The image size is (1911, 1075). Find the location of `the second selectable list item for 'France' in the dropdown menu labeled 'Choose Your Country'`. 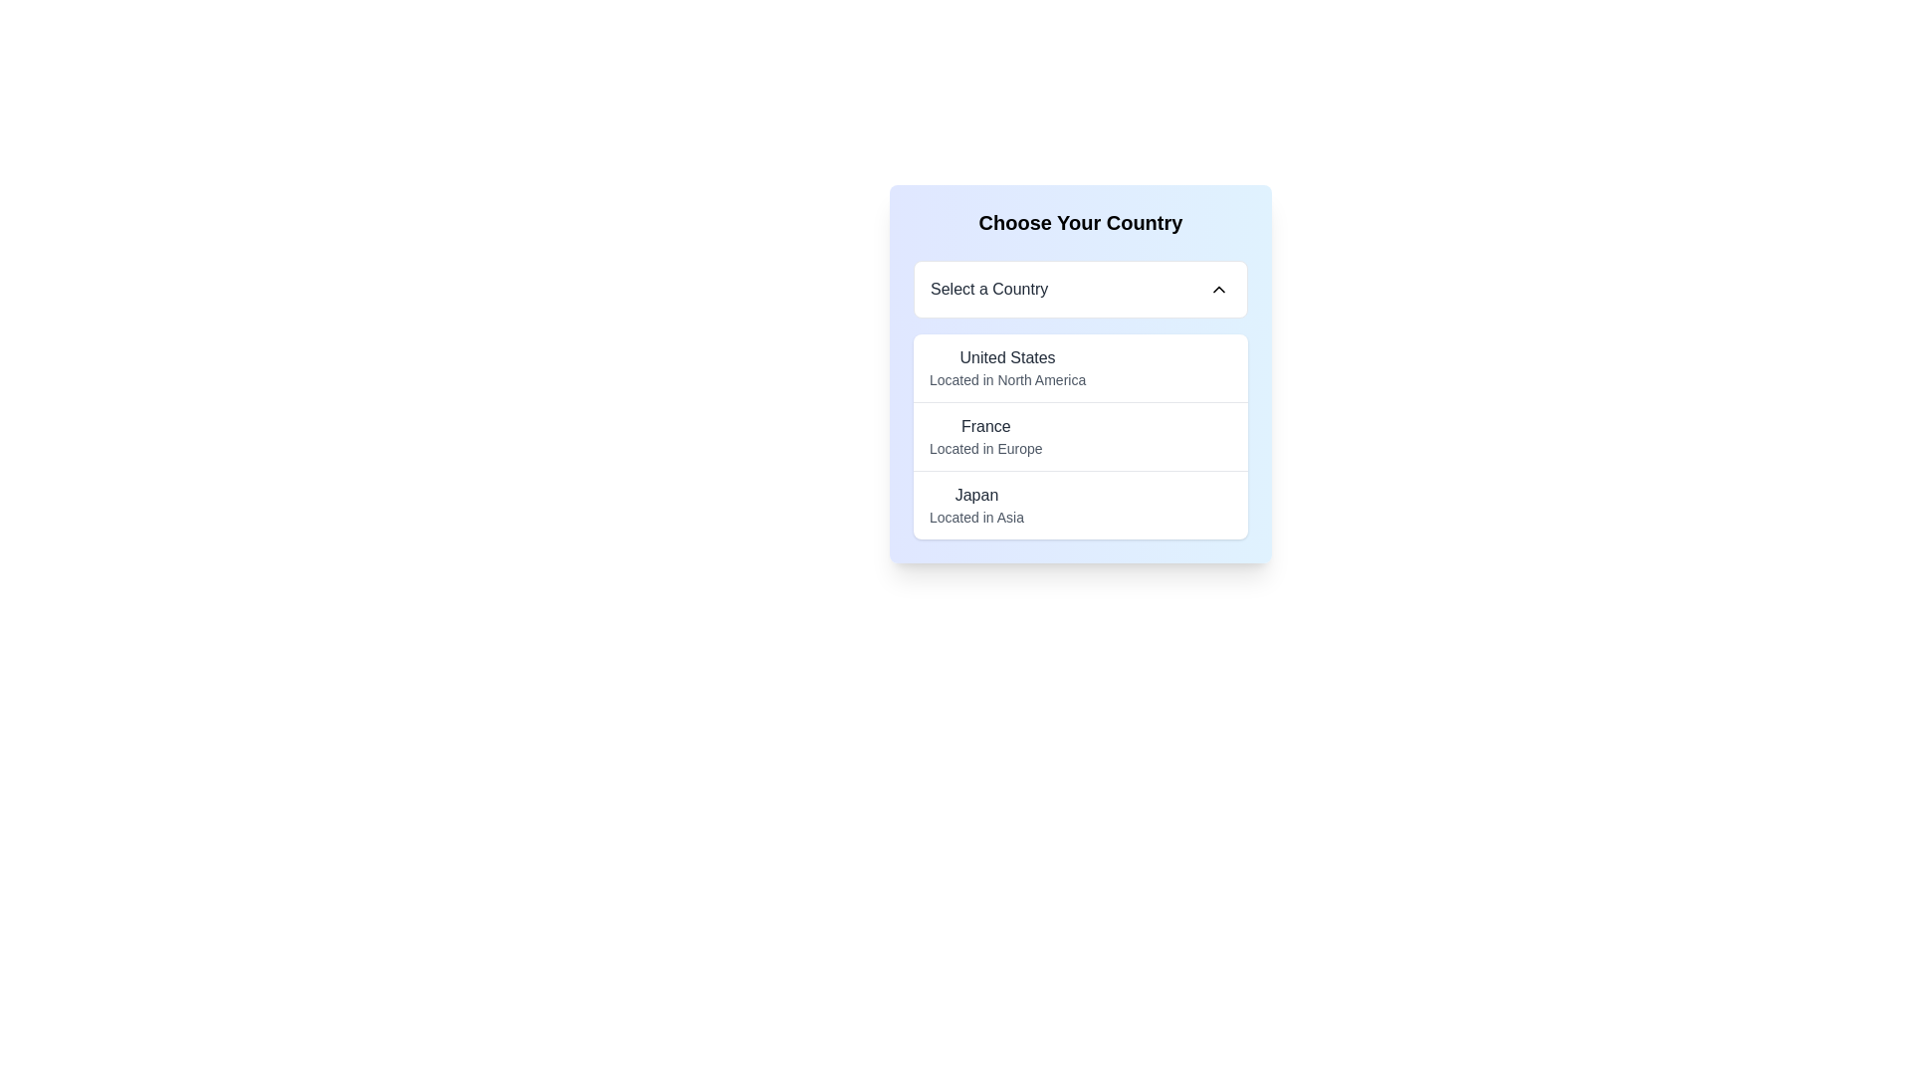

the second selectable list item for 'France' in the dropdown menu labeled 'Choose Your Country' is located at coordinates (985, 436).